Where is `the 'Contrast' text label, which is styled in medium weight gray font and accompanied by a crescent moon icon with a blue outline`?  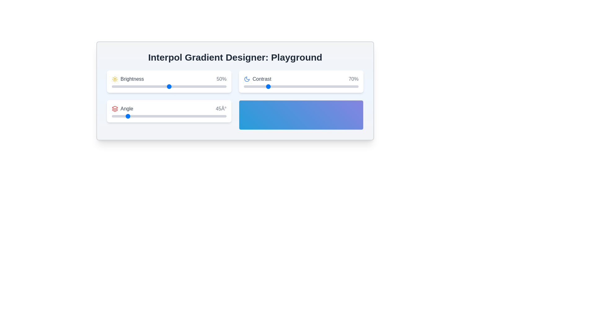
the 'Contrast' text label, which is styled in medium weight gray font and accompanied by a crescent moon icon with a blue outline is located at coordinates (258, 79).